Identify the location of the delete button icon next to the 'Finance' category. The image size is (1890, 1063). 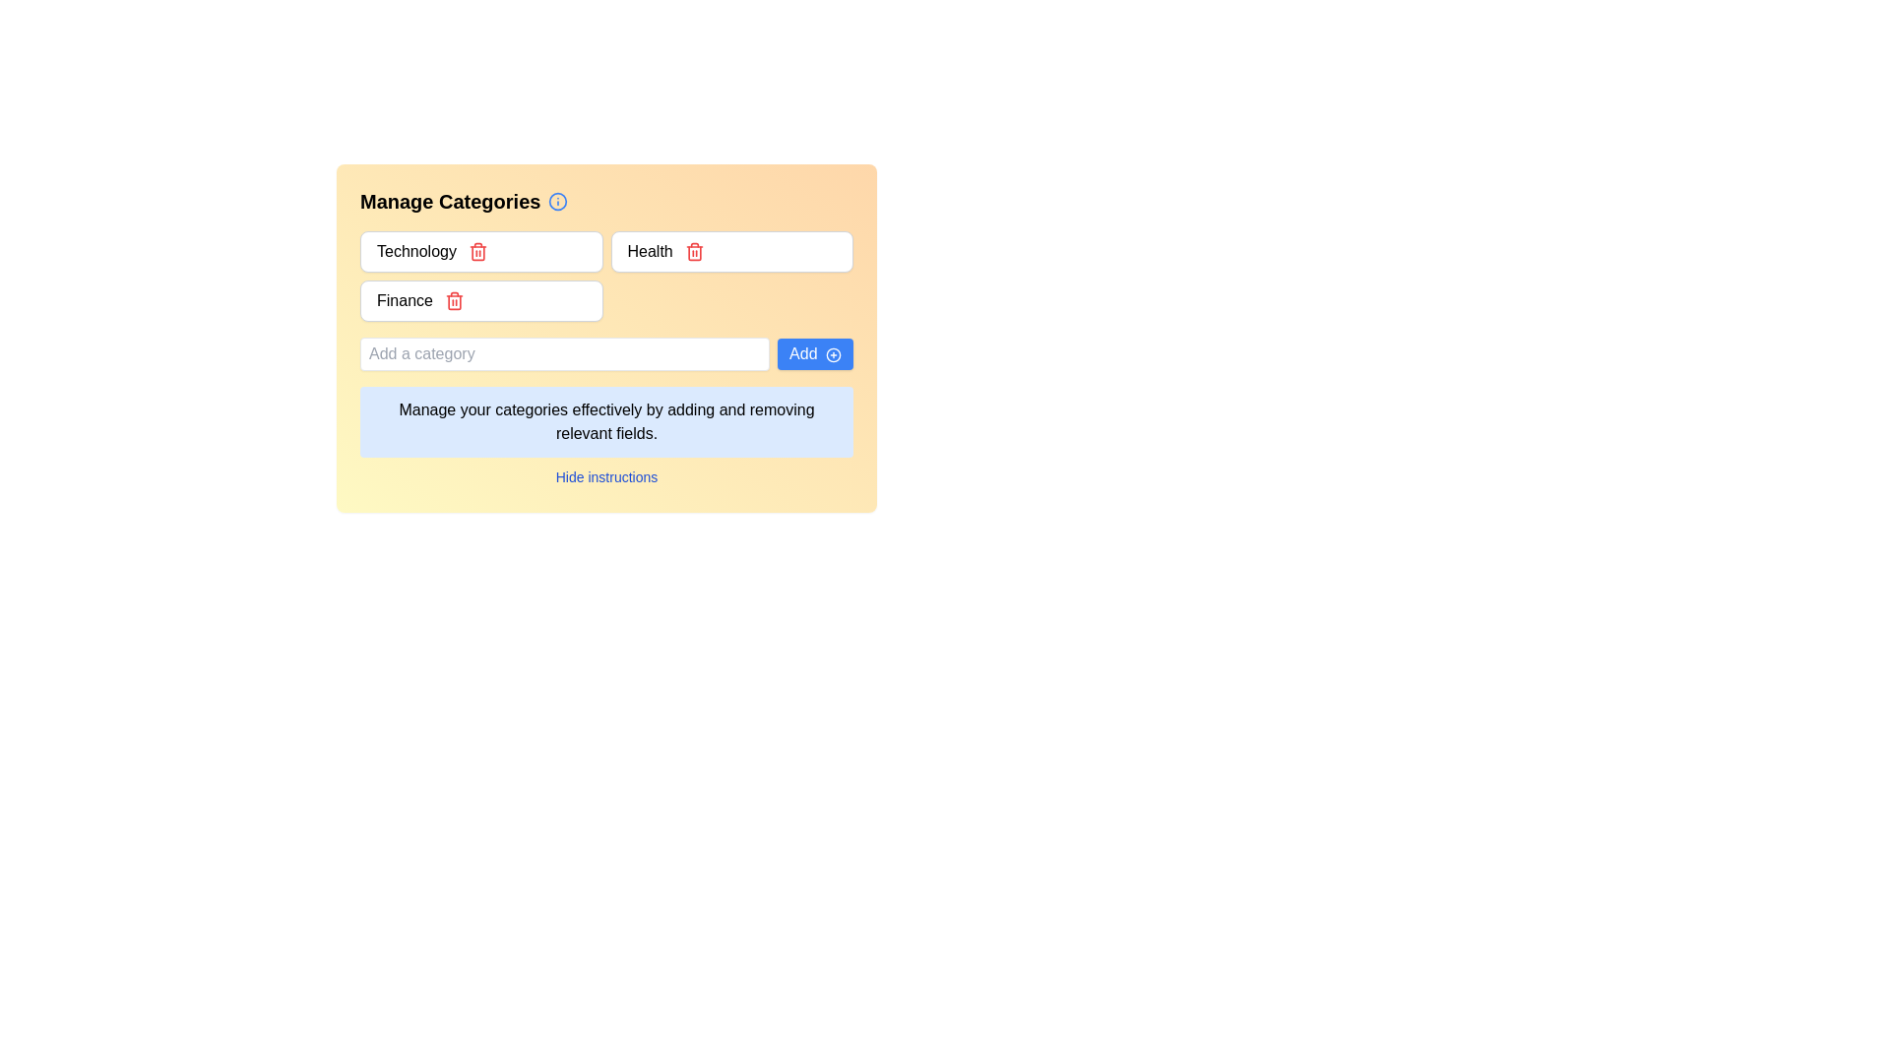
(453, 300).